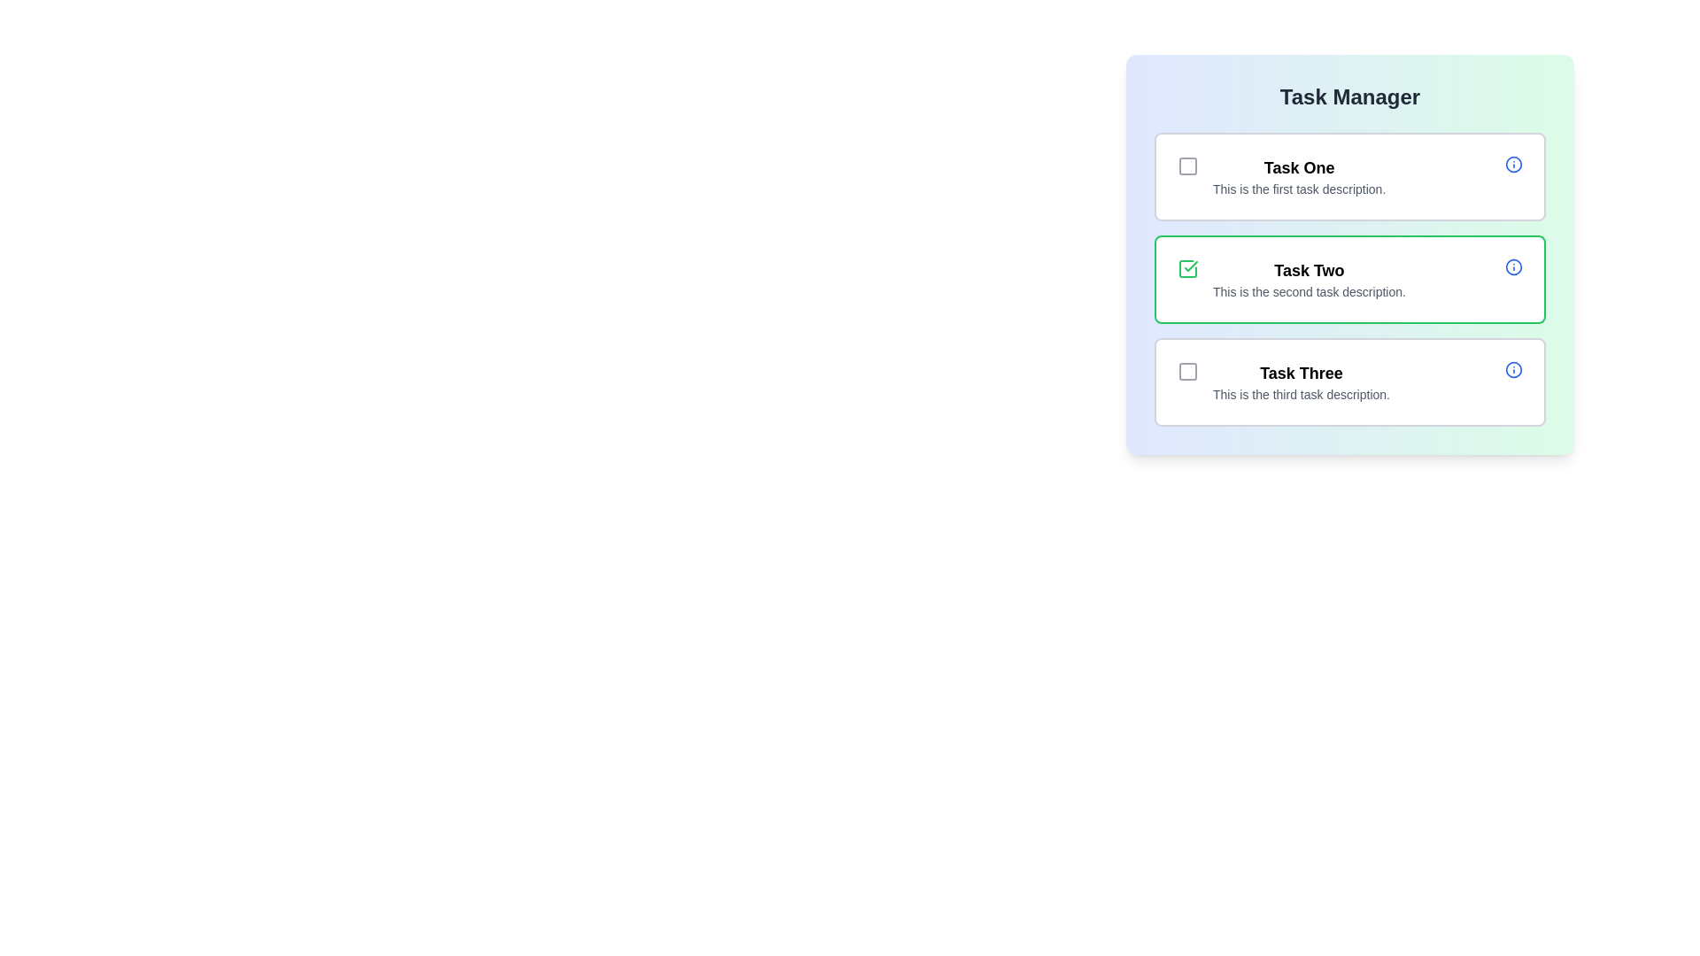 Image resolution: width=1700 pixels, height=956 pixels. What do you see at coordinates (1349, 279) in the screenshot?
I see `task title 'Task Two' and description 'This is the second task description' from the second task entry card in the task management widget` at bounding box center [1349, 279].